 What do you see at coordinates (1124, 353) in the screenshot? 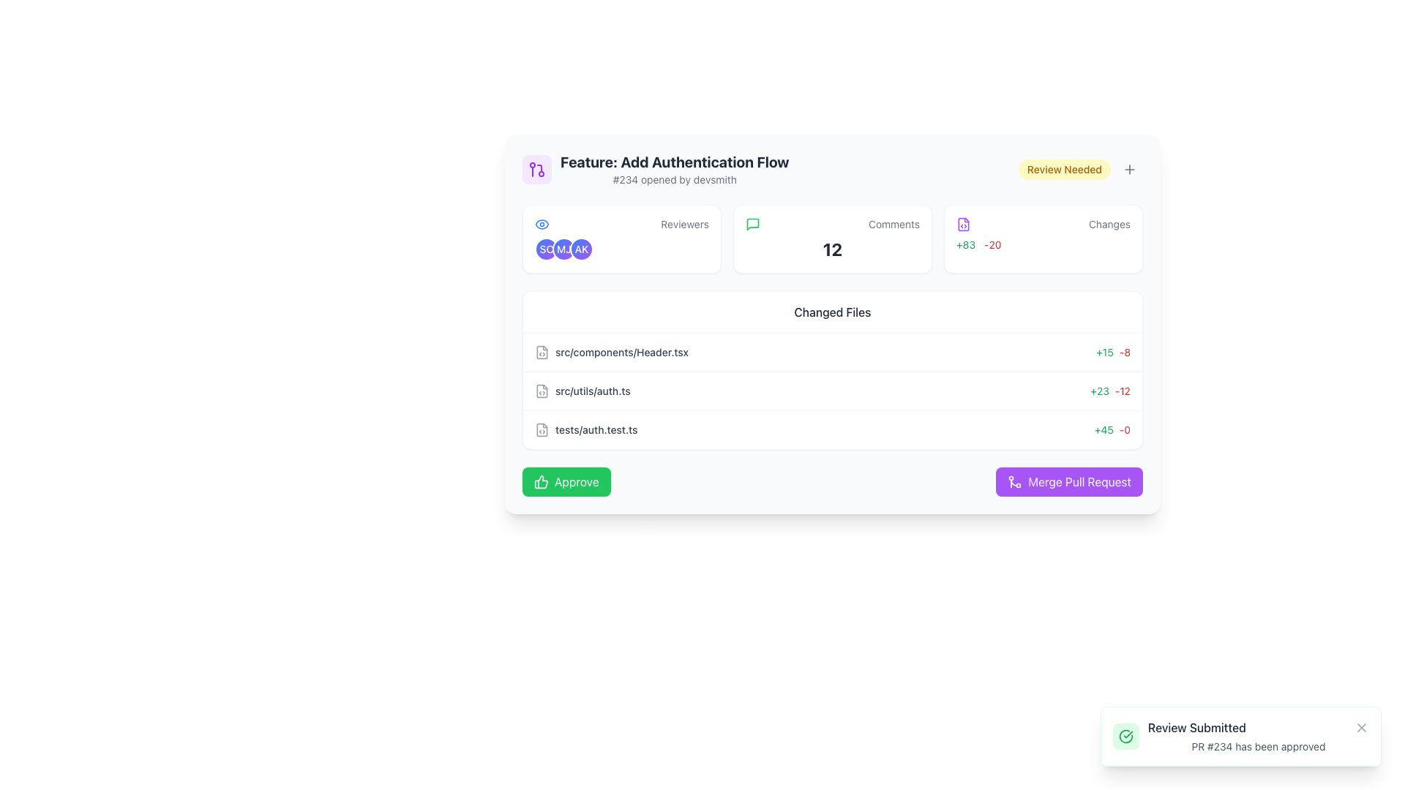
I see `the static text element displaying the numeric value '-8' styled in red color, which indicates a decrement or negative value, located to the right of the green '+15' text` at bounding box center [1124, 353].